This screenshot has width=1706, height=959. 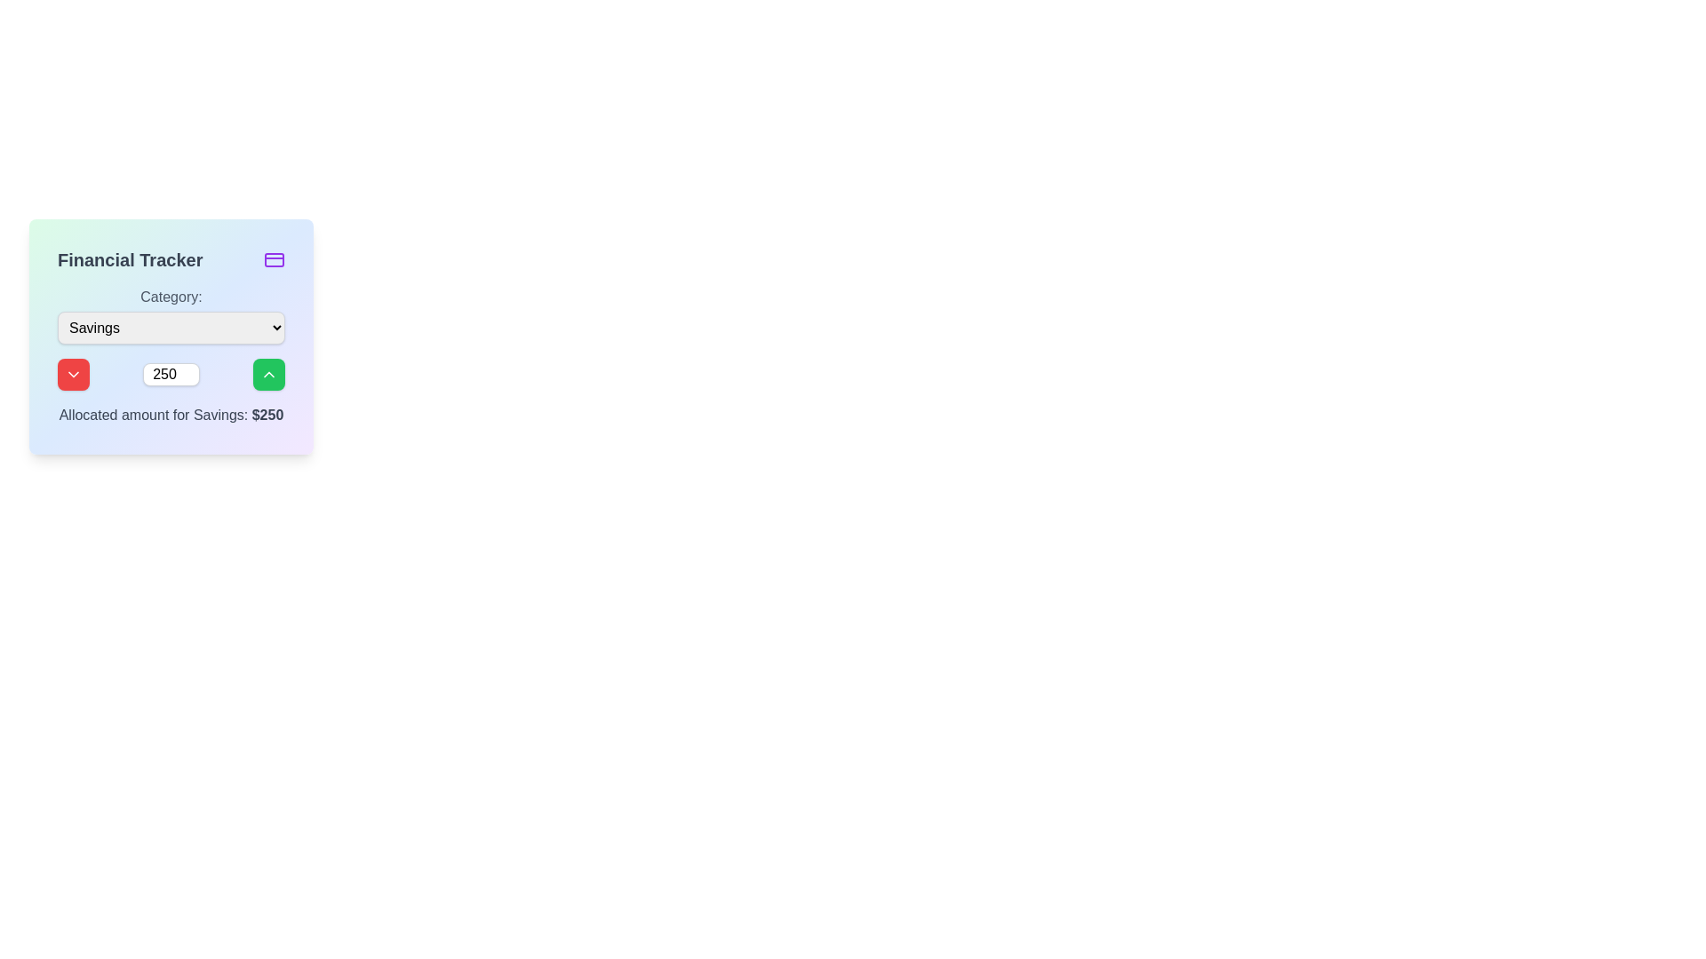 I want to click on the 'Savings' dropdown menu, which has a gray border and light background, so click(x=171, y=328).